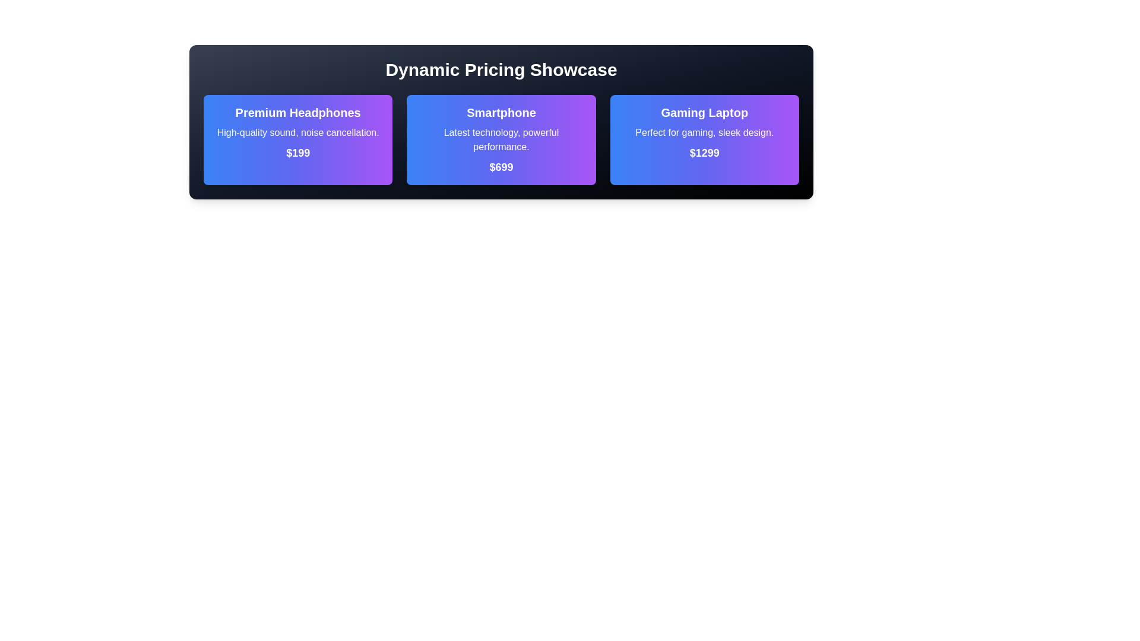 This screenshot has height=641, width=1140. I want to click on the Header text that serves as a title for the section, located above a grid layout of product options, so click(501, 70).